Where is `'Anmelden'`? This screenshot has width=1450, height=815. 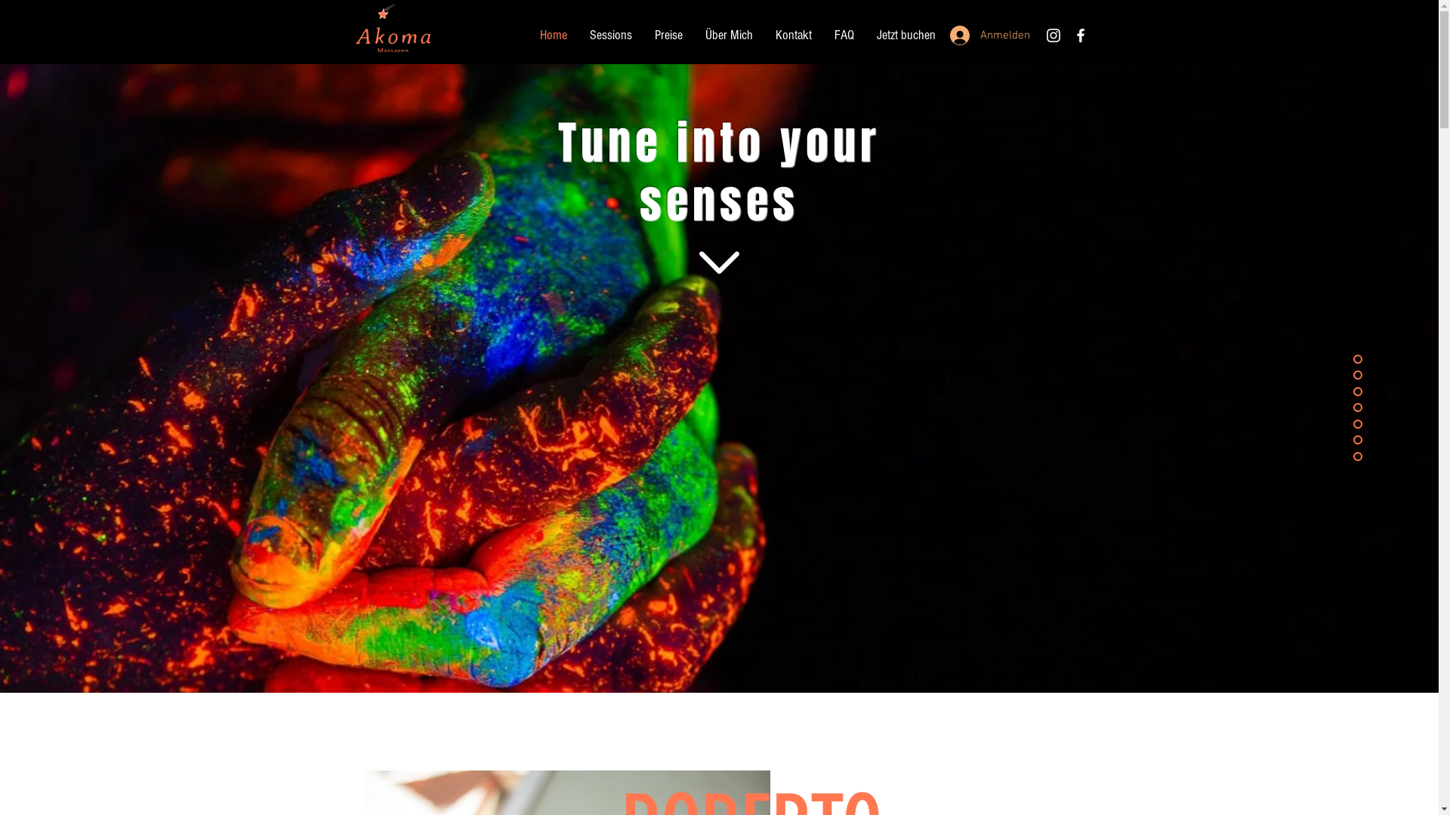
'Anmelden' is located at coordinates (985, 34).